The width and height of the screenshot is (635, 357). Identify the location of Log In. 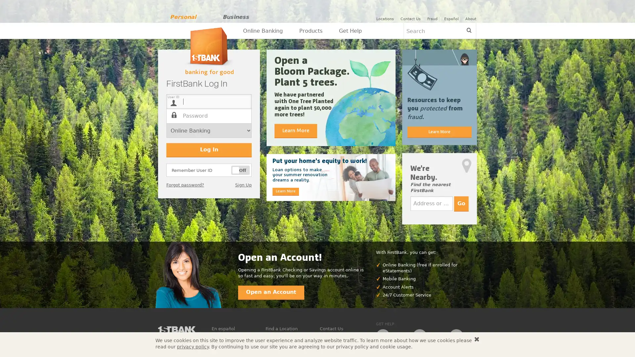
(209, 150).